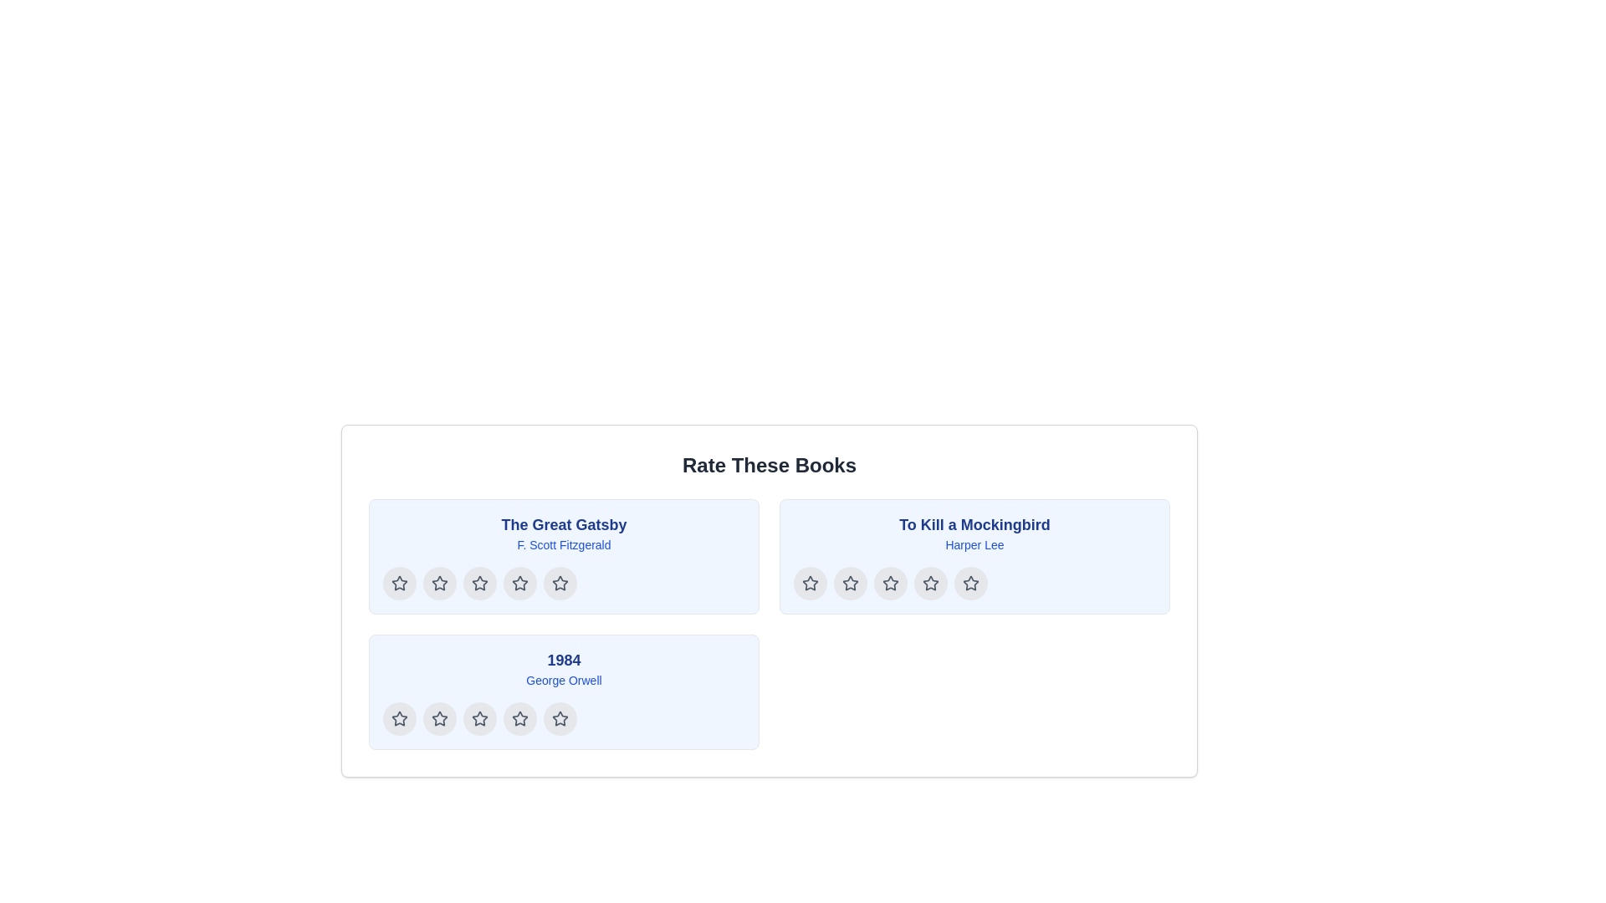  Describe the element at coordinates (564, 583) in the screenshot. I see `the fourth star in the rating component located under 'F. Scott Fitzgerald' for 'The Great Gatsby' to rate 4 stars` at that location.